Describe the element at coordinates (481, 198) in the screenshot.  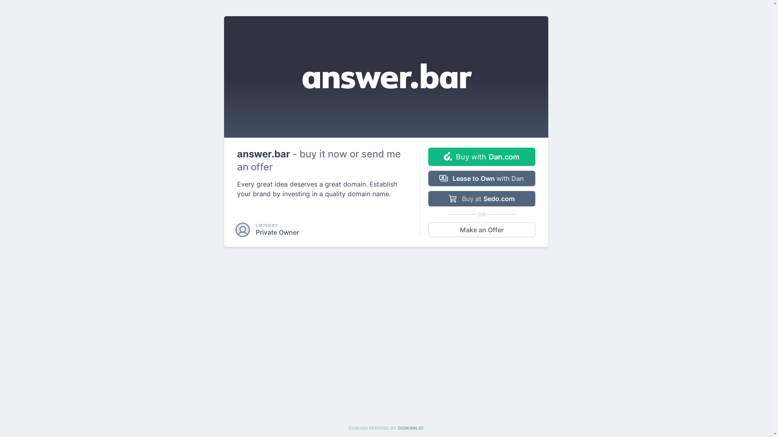
I see `'Buy at Sedo.com'` at that location.